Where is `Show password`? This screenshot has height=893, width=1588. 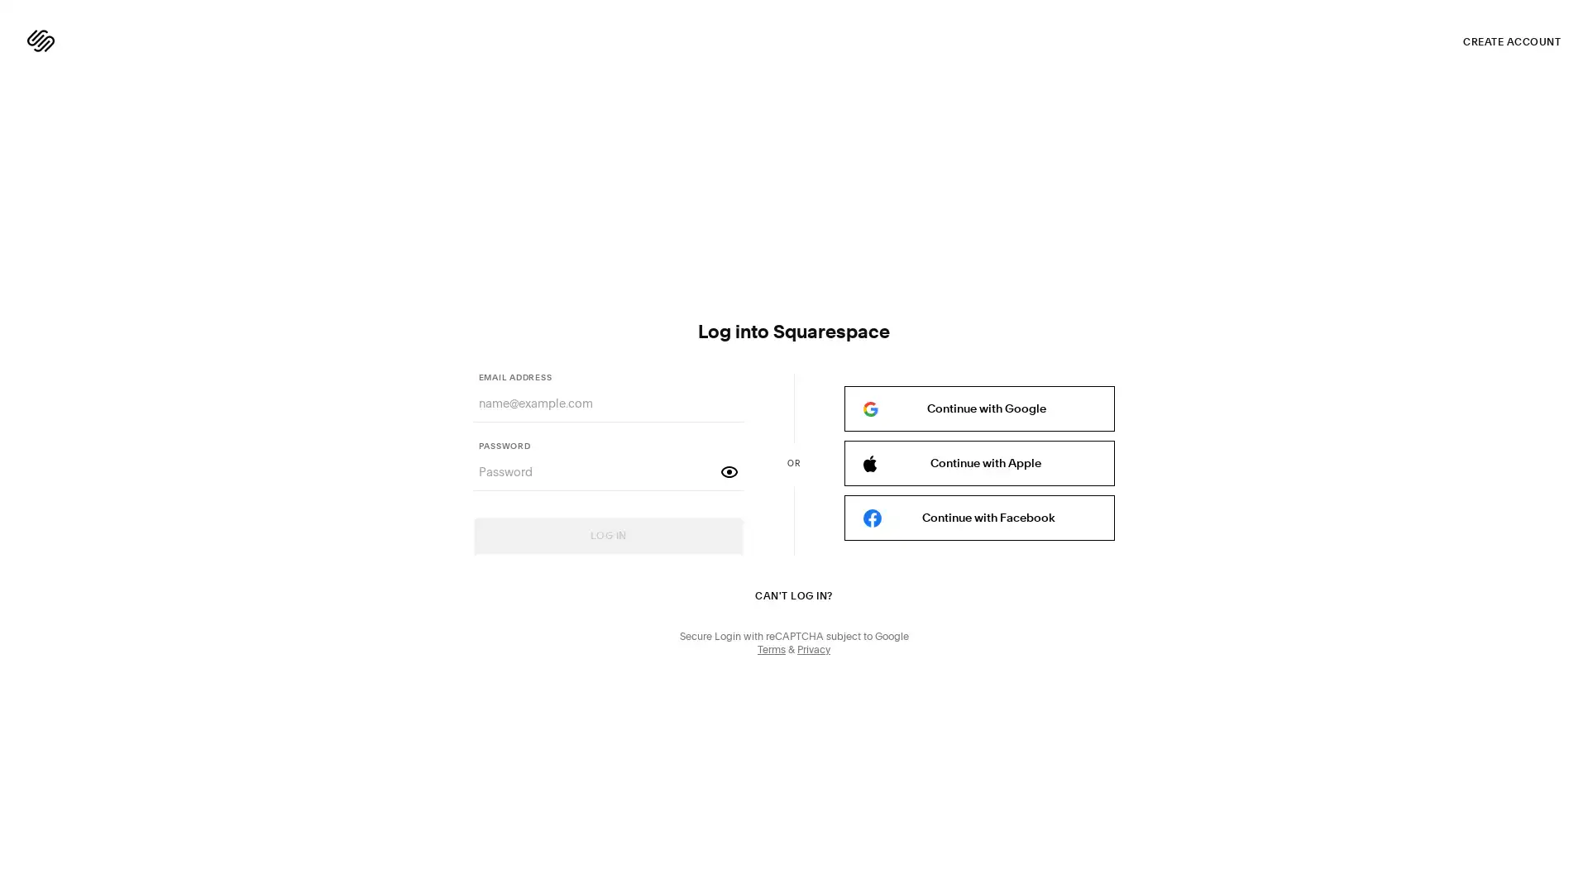
Show password is located at coordinates (729, 471).